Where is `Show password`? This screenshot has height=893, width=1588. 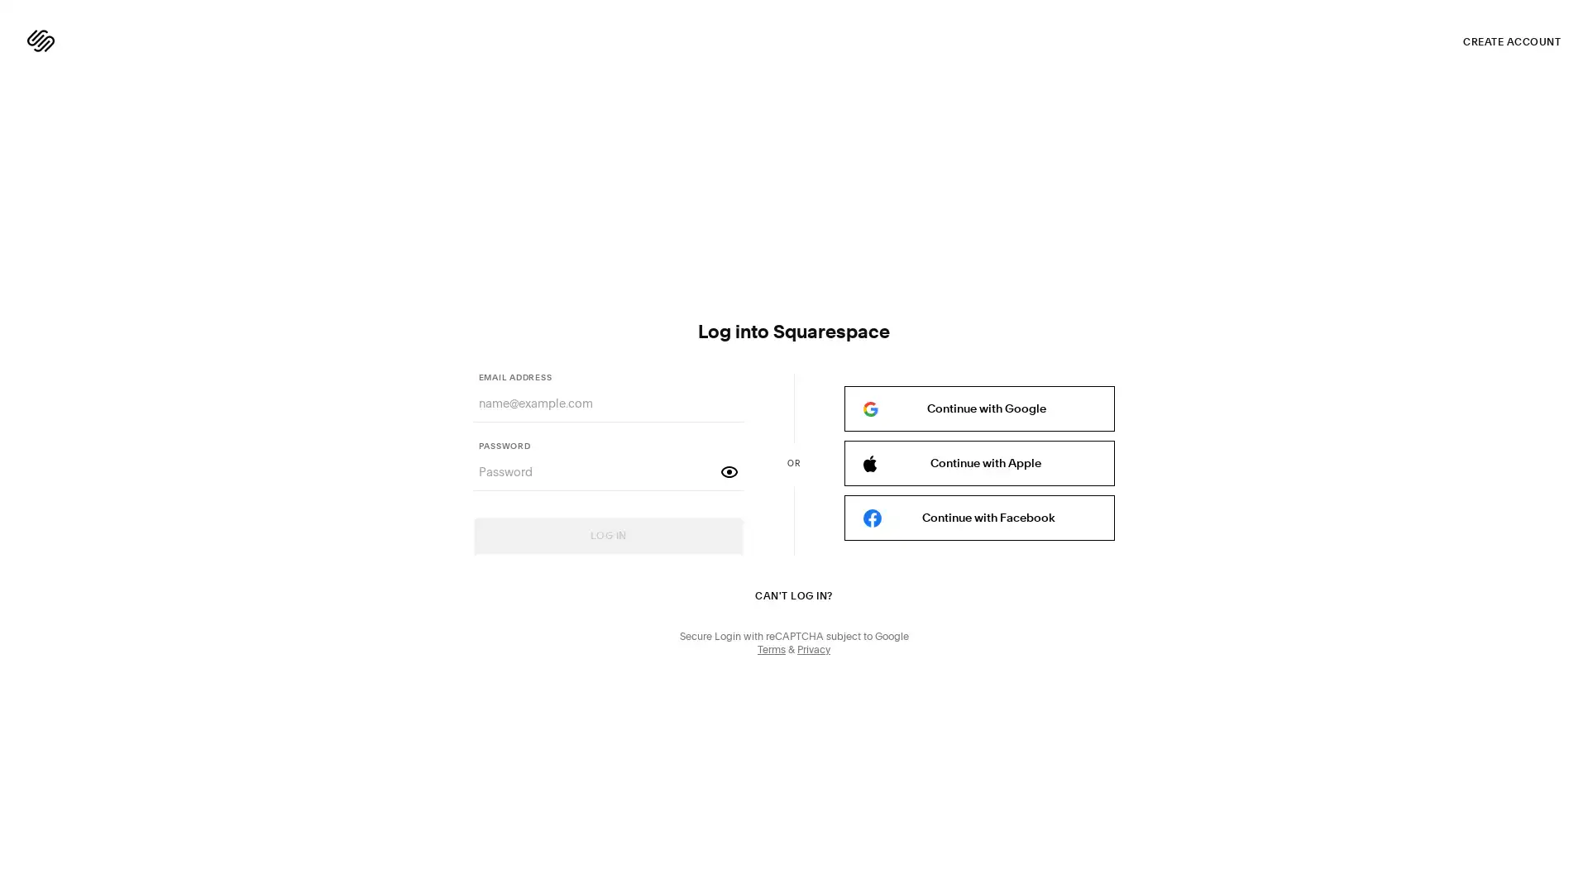
Show password is located at coordinates (729, 471).